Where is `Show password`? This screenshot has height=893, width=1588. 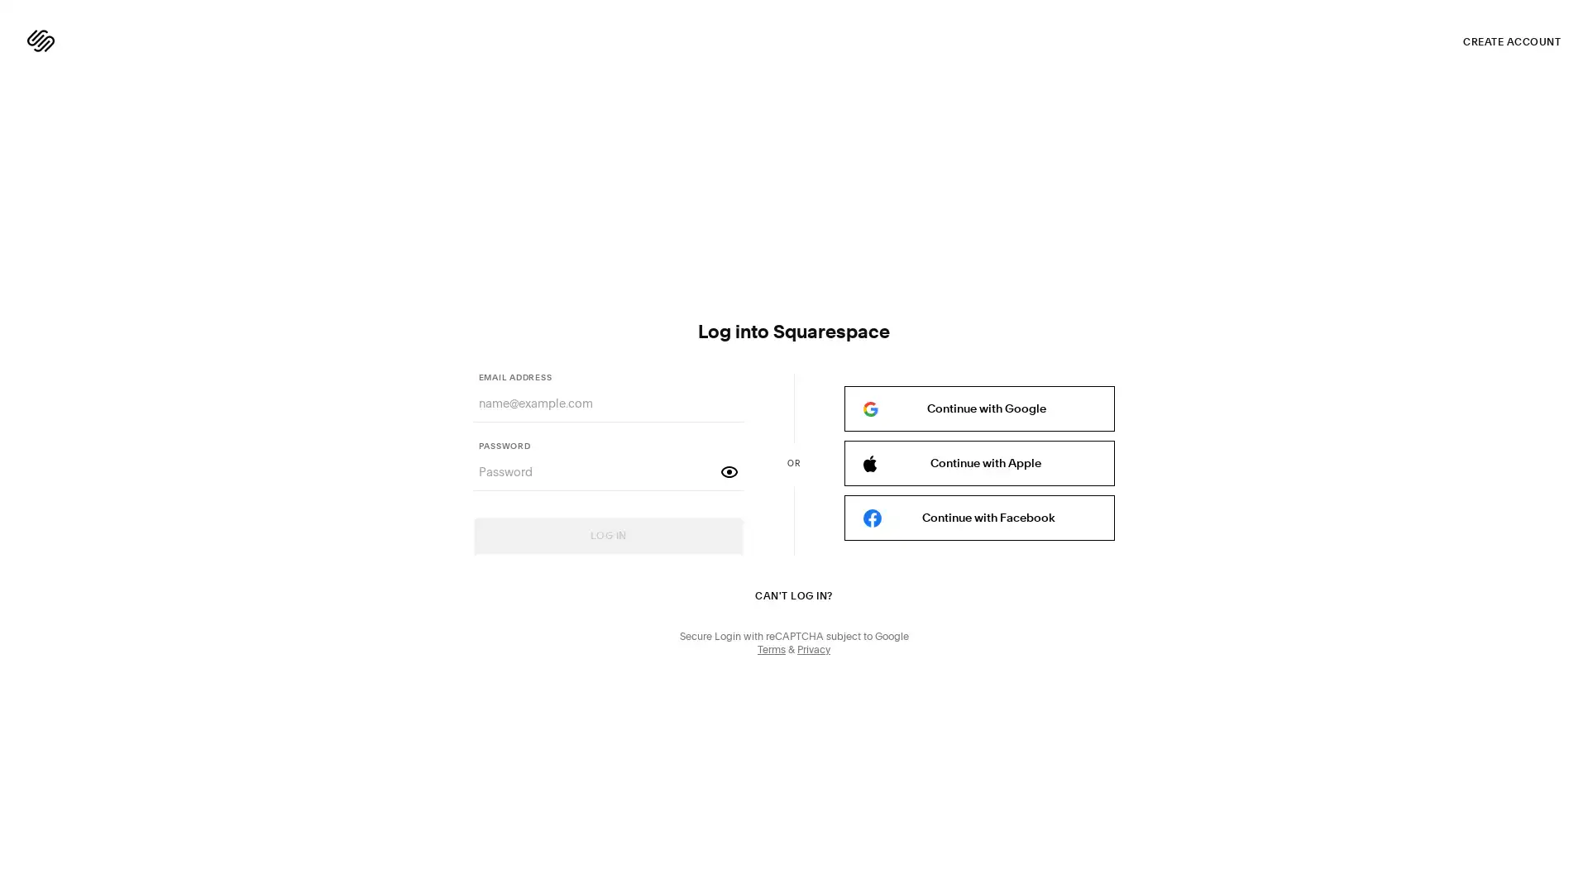
Show password is located at coordinates (729, 471).